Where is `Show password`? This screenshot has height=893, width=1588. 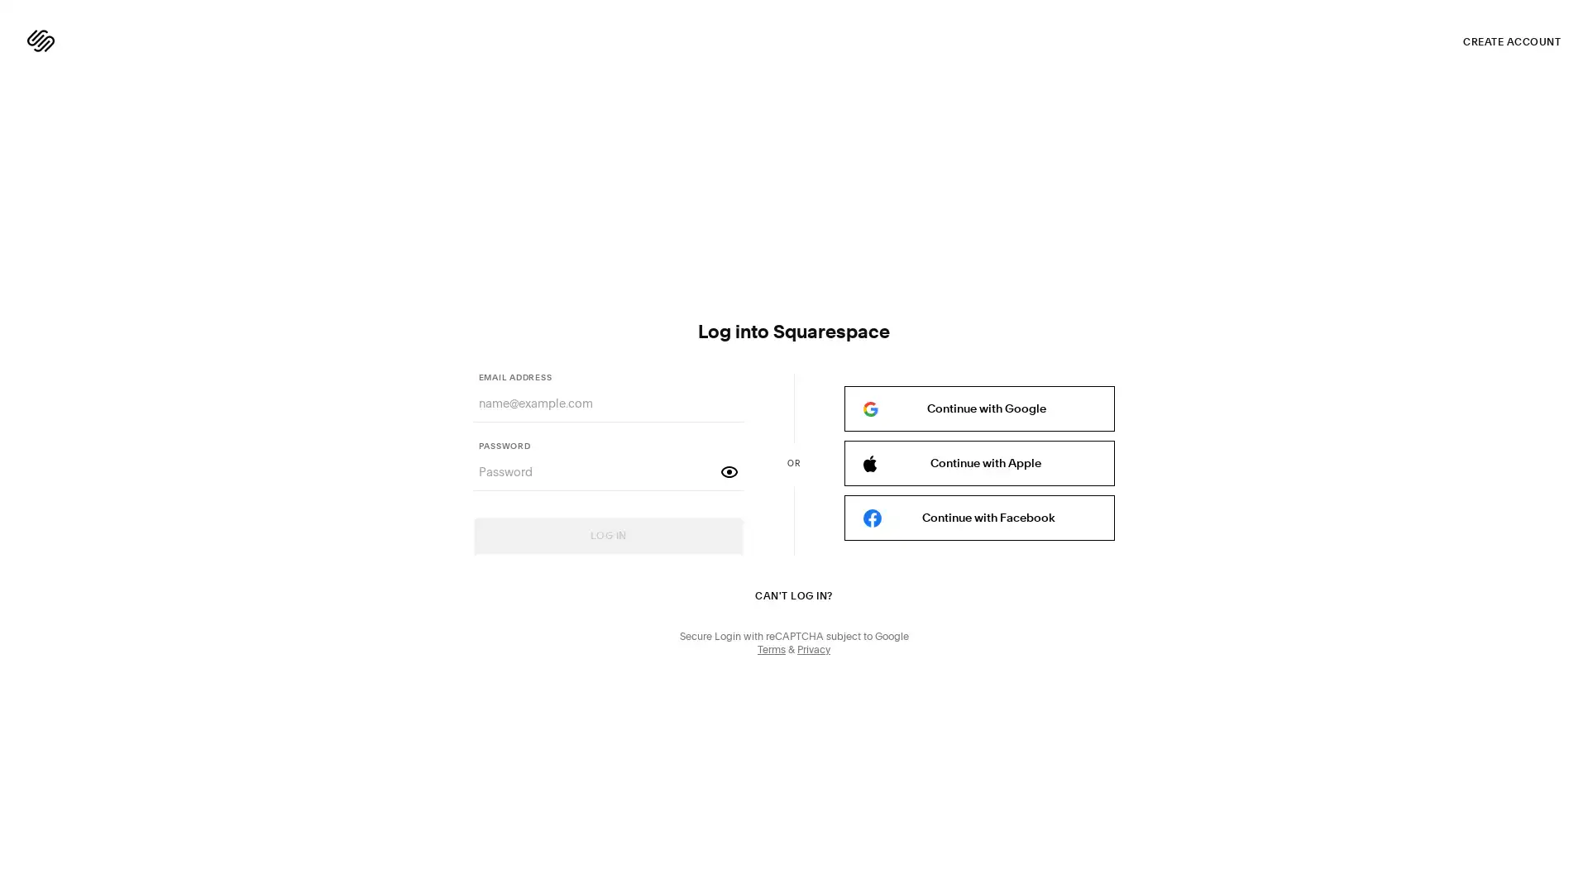
Show password is located at coordinates (729, 471).